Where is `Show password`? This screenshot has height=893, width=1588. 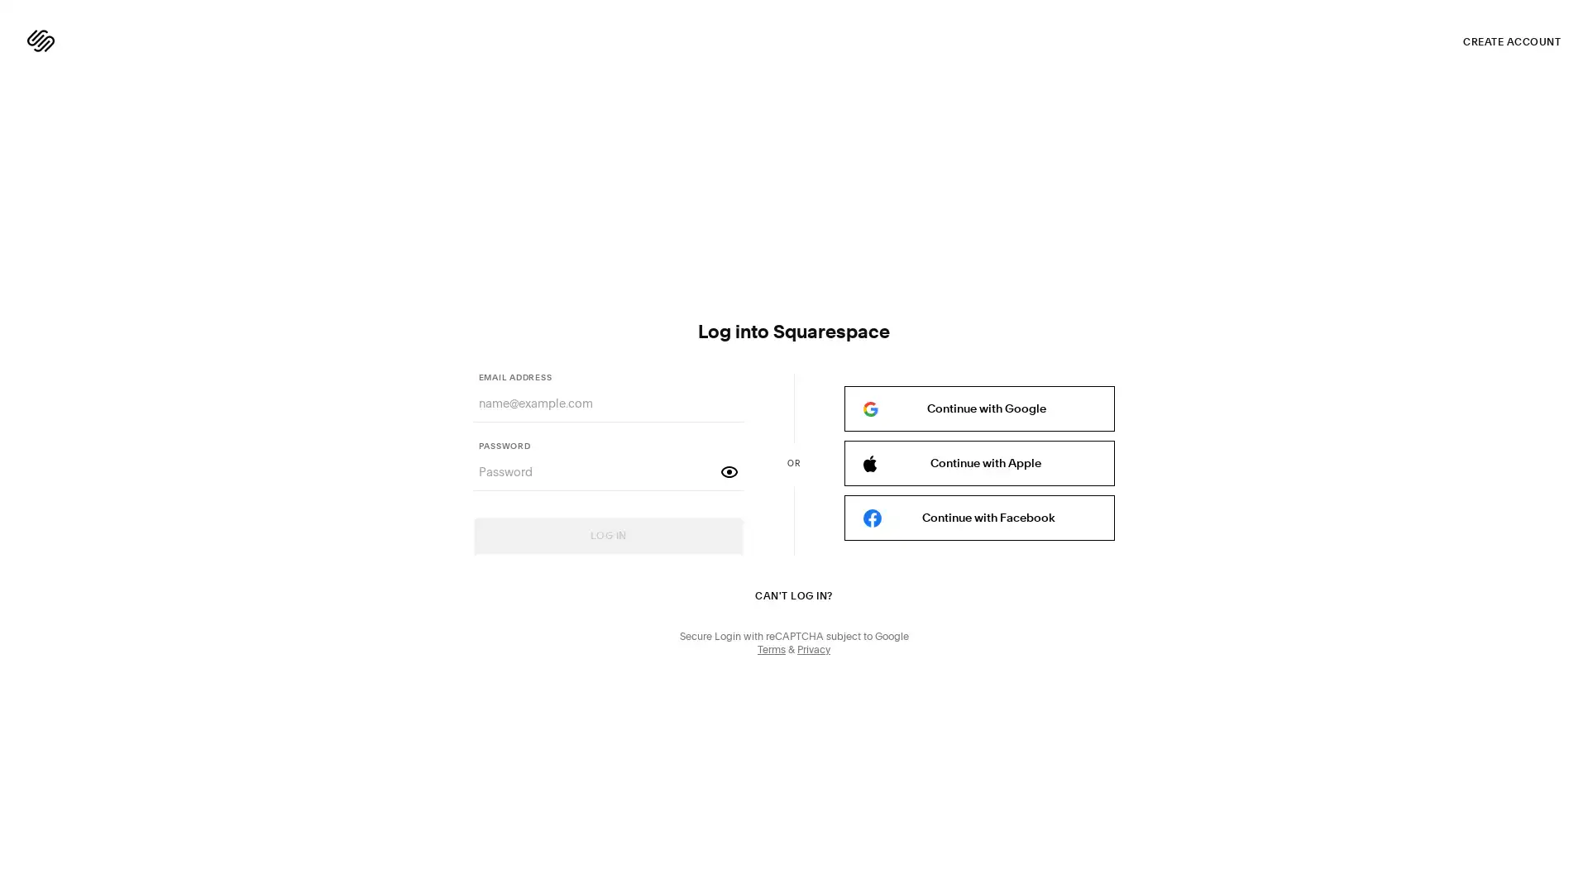
Show password is located at coordinates (729, 471).